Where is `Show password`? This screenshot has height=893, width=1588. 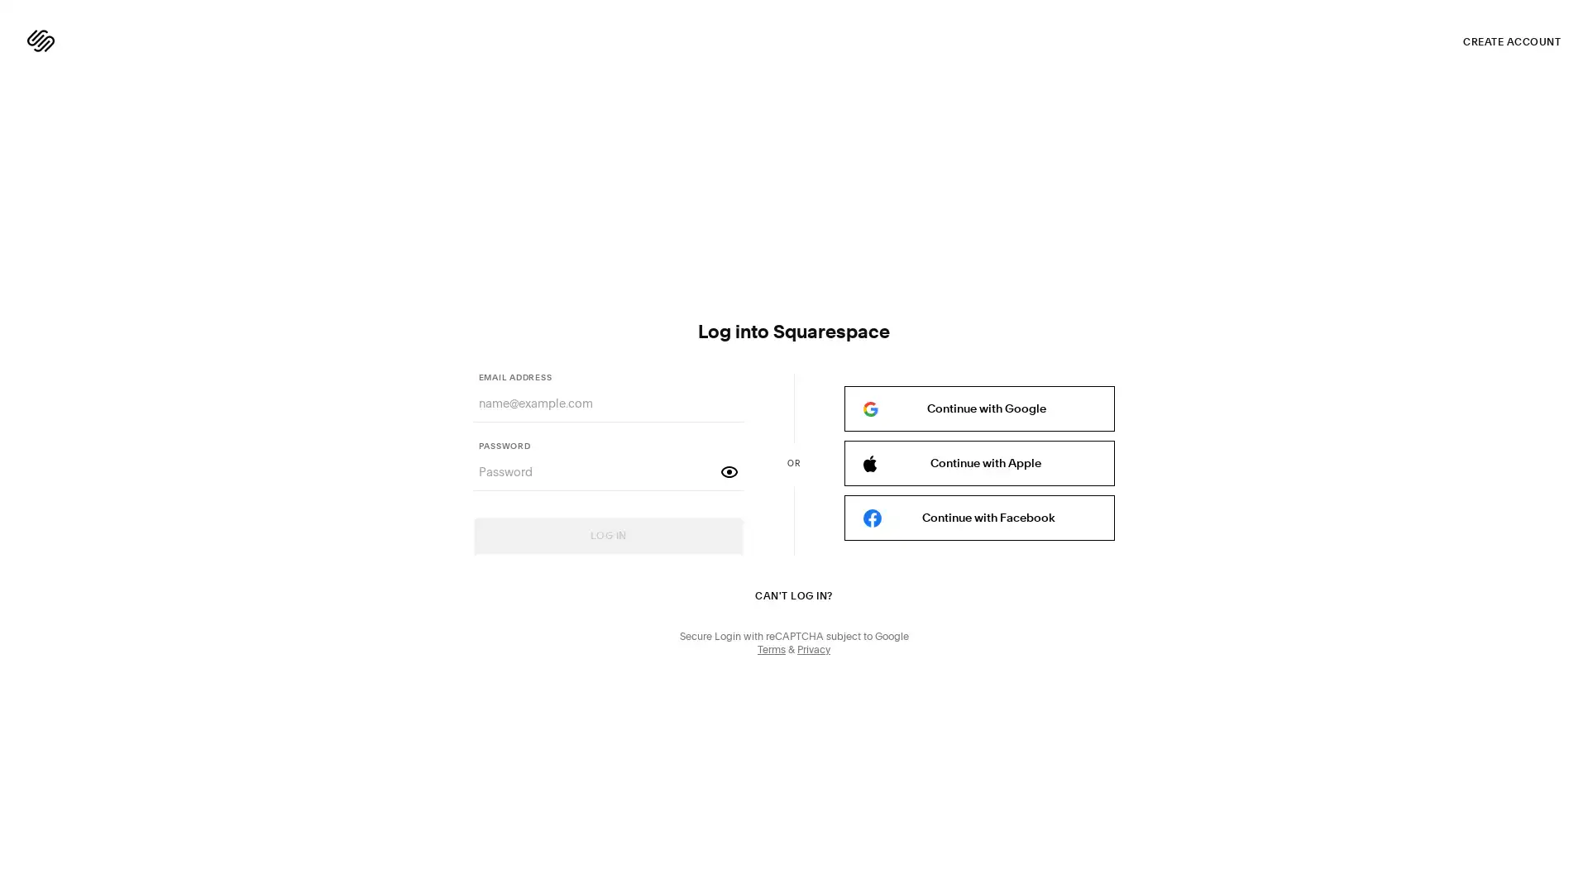
Show password is located at coordinates (729, 471).